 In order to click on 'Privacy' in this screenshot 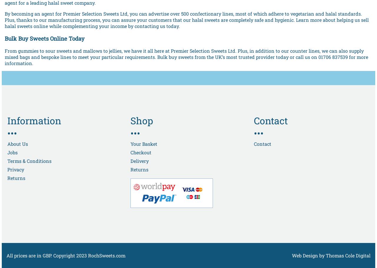, I will do `click(16, 169)`.